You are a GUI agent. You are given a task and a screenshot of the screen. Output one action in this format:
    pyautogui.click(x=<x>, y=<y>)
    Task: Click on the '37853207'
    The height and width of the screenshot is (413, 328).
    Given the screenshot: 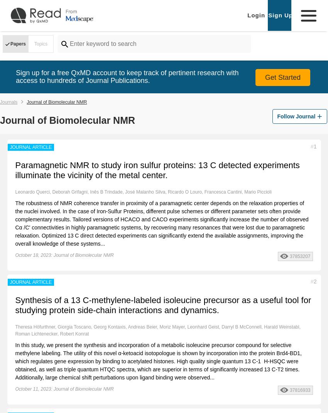 What is the action you would take?
    pyautogui.click(x=299, y=256)
    